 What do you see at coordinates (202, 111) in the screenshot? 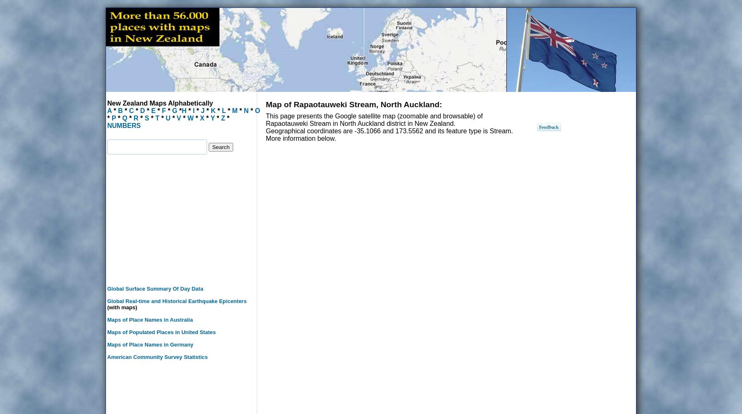
I see `'J'` at bounding box center [202, 111].